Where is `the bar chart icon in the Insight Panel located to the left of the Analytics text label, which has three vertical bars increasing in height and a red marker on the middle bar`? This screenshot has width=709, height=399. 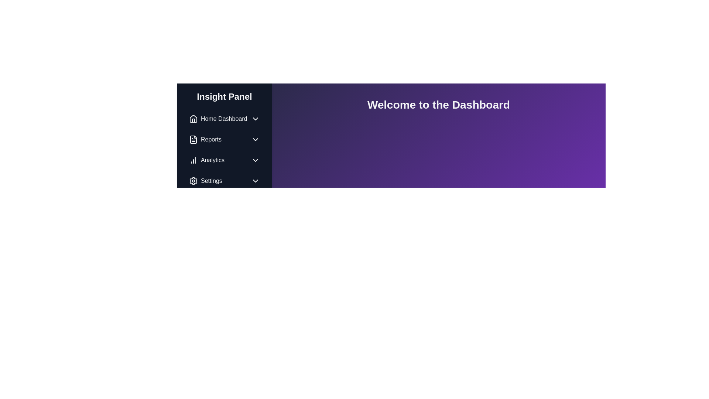
the bar chart icon in the Insight Panel located to the left of the Analytics text label, which has three vertical bars increasing in height and a red marker on the middle bar is located at coordinates (193, 160).